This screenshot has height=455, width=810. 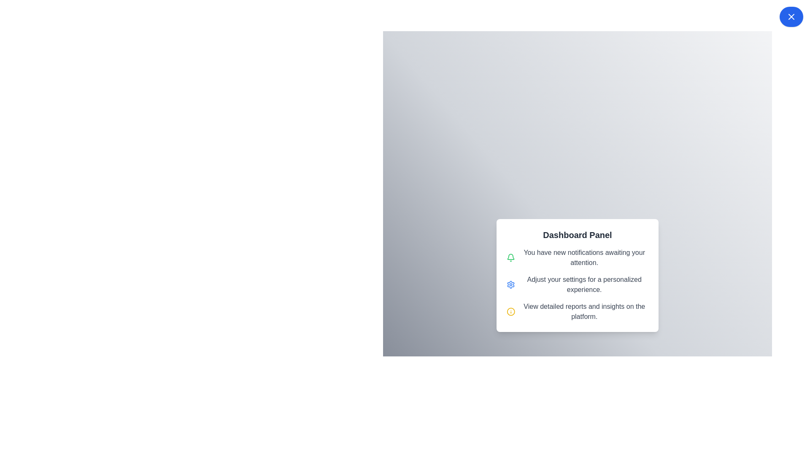 I want to click on the informational text about adjusting settings for a personalized user experience, which is the second item in a vertically stacked group within a white card on the dashboard, so click(x=577, y=284).